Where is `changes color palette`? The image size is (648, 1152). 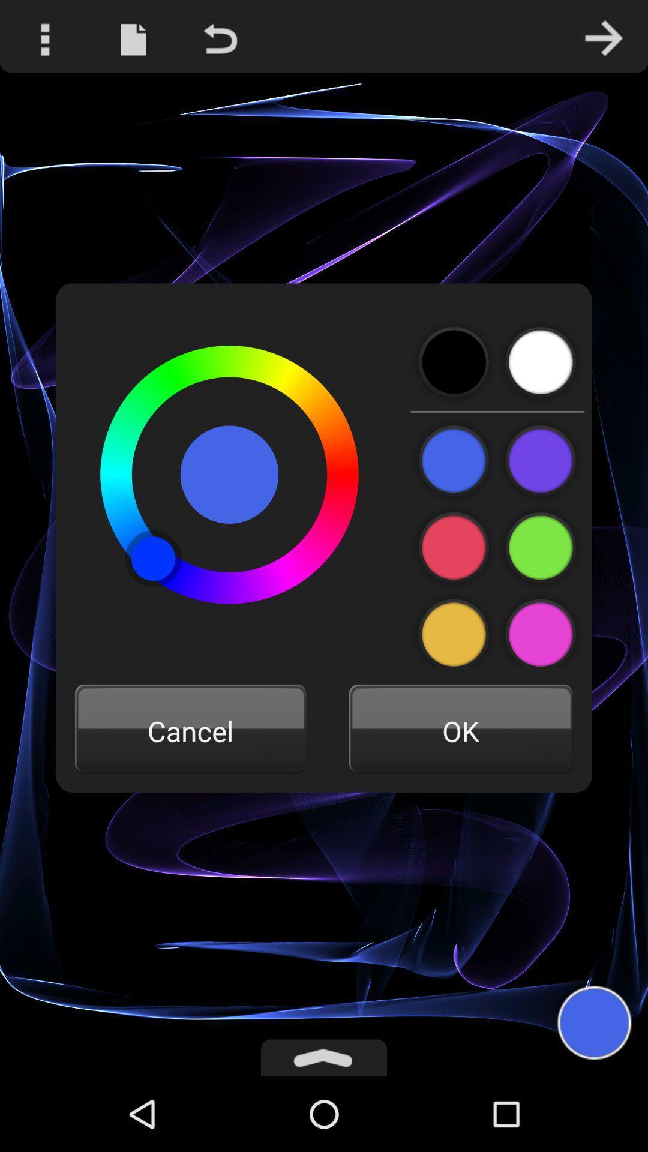 changes color palette is located at coordinates (541, 628).